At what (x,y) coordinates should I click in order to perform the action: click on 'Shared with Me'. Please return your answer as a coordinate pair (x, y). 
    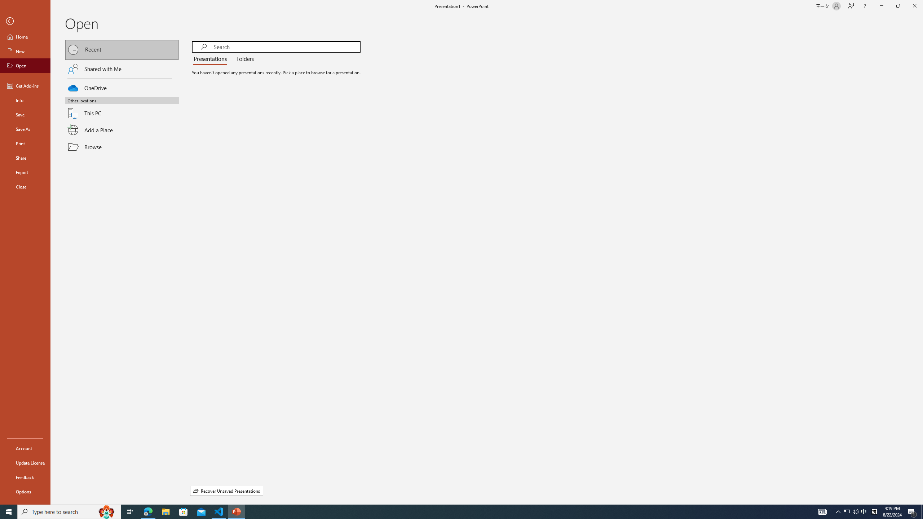
    Looking at the image, I should click on (122, 68).